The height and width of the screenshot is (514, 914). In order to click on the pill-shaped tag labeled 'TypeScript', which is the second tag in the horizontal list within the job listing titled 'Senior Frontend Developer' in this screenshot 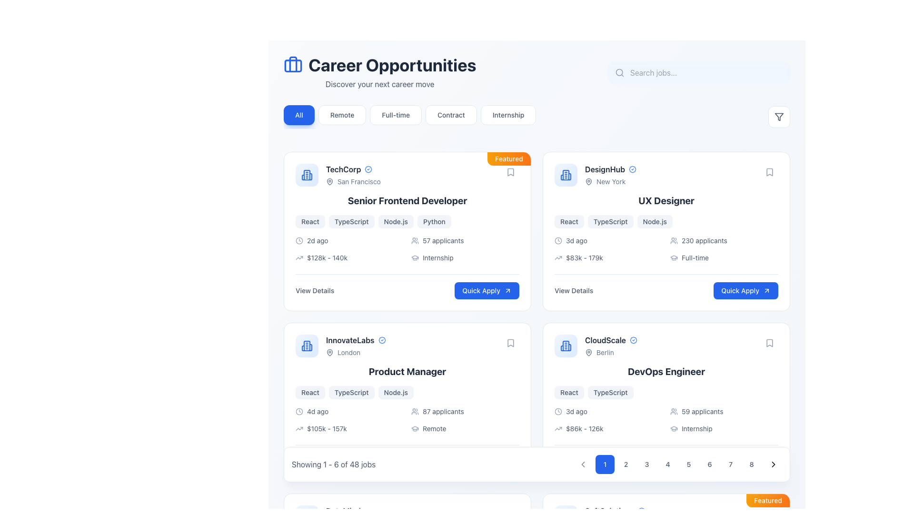, I will do `click(351, 222)`.